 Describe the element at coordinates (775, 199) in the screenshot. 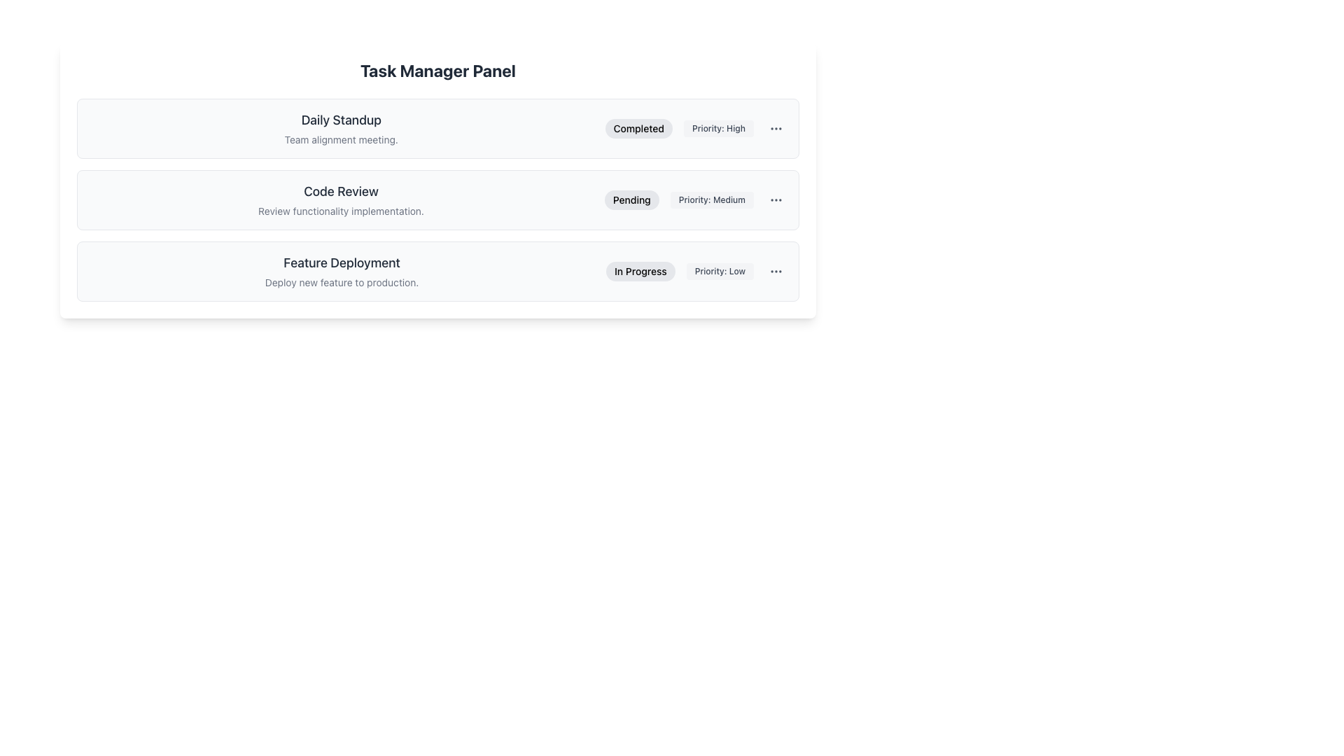

I see `the icon button represented by three horizontally aligned gray dots located at the far-right end of the row labeled 'Pending' and 'Priority: Medium'` at that location.